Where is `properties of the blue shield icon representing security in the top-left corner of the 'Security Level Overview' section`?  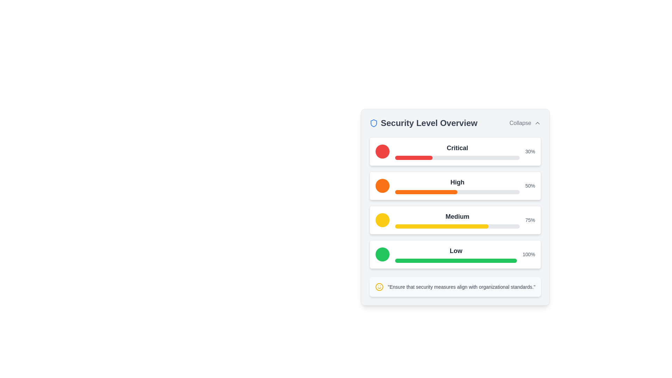
properties of the blue shield icon representing security in the top-left corner of the 'Security Level Overview' section is located at coordinates (373, 122).